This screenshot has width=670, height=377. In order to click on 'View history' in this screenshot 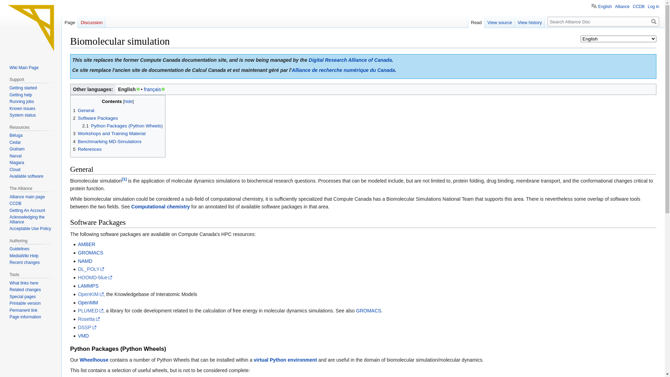, I will do `click(514, 21)`.